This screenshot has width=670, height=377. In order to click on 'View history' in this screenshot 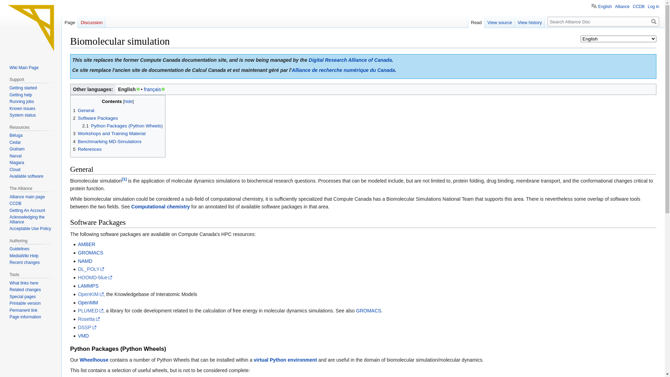, I will do `click(514, 21)`.